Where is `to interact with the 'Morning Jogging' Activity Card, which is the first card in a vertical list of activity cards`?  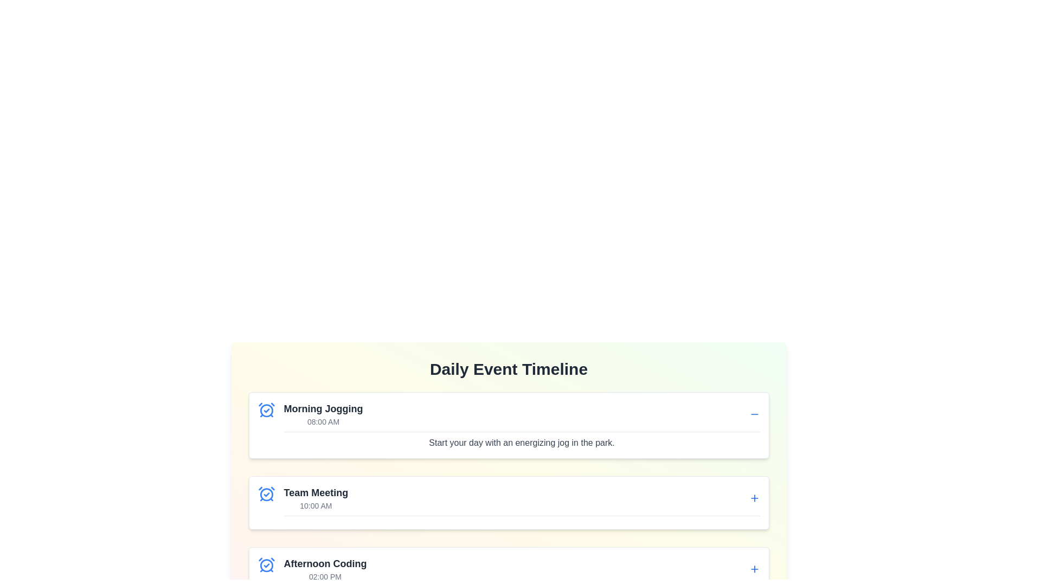
to interact with the 'Morning Jogging' Activity Card, which is the first card in a vertical list of activity cards is located at coordinates (508, 425).